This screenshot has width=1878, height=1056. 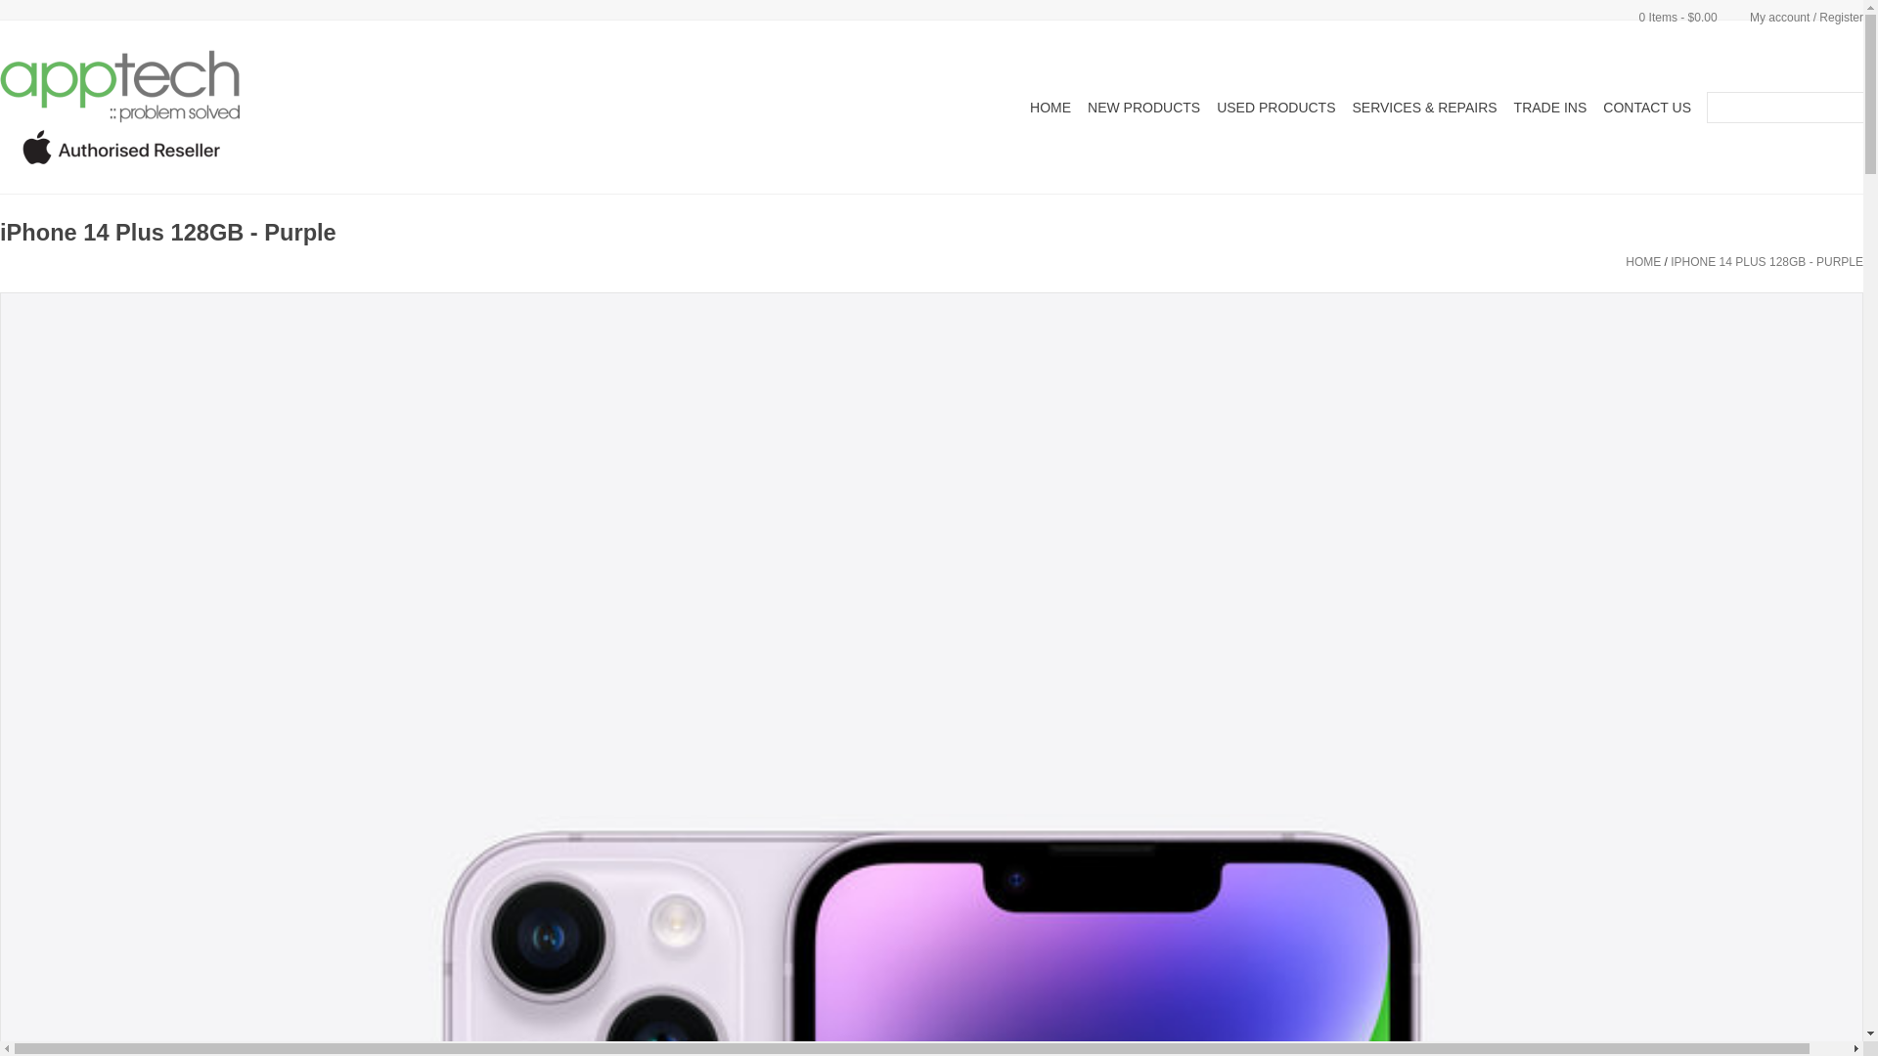 What do you see at coordinates (1610, 18) in the screenshot?
I see `'0 Items - $0.00'` at bounding box center [1610, 18].